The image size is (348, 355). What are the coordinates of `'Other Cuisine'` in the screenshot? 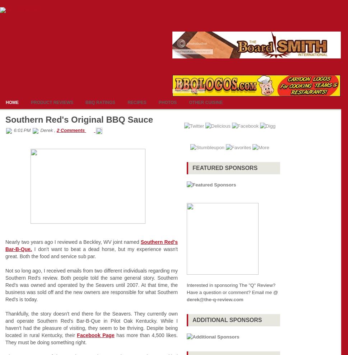 It's located at (205, 103).